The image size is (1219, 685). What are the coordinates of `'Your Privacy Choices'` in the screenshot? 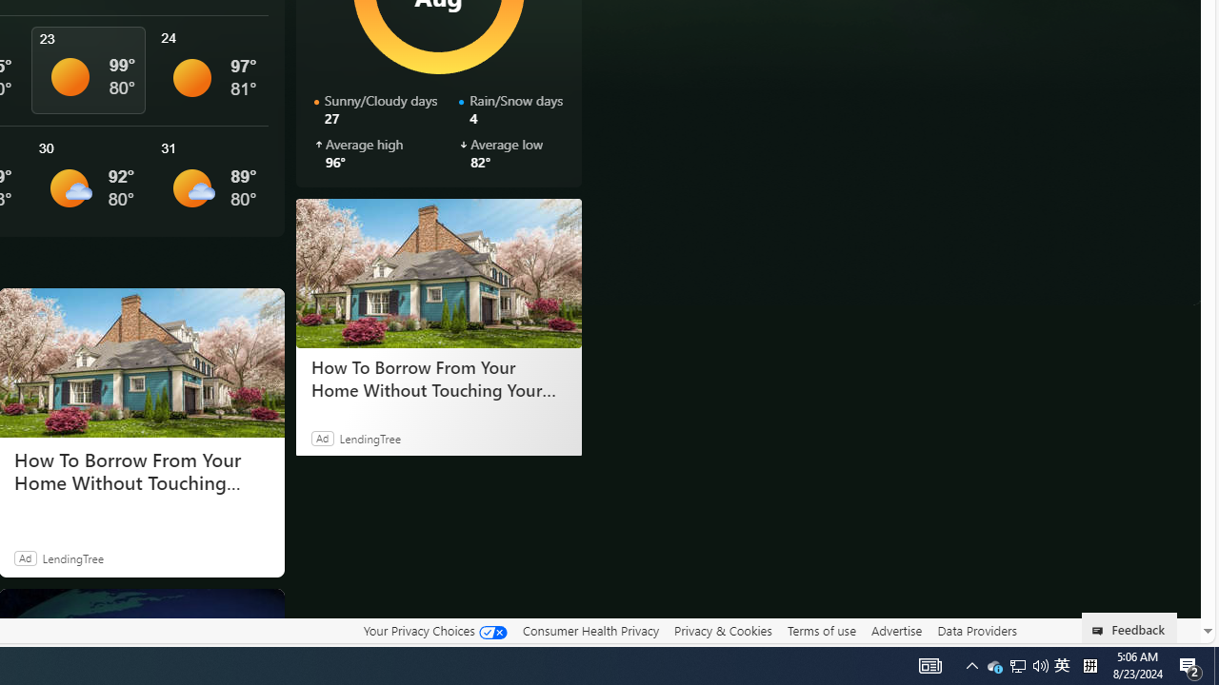 It's located at (433, 631).